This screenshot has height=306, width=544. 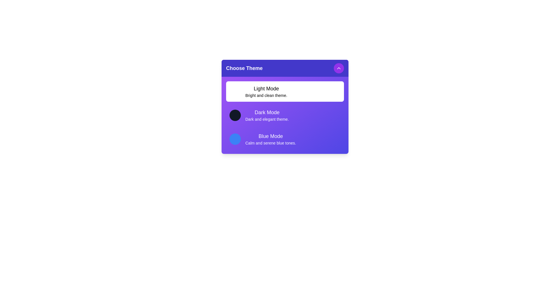 I want to click on the theme Dark Mode from the list, so click(x=285, y=115).